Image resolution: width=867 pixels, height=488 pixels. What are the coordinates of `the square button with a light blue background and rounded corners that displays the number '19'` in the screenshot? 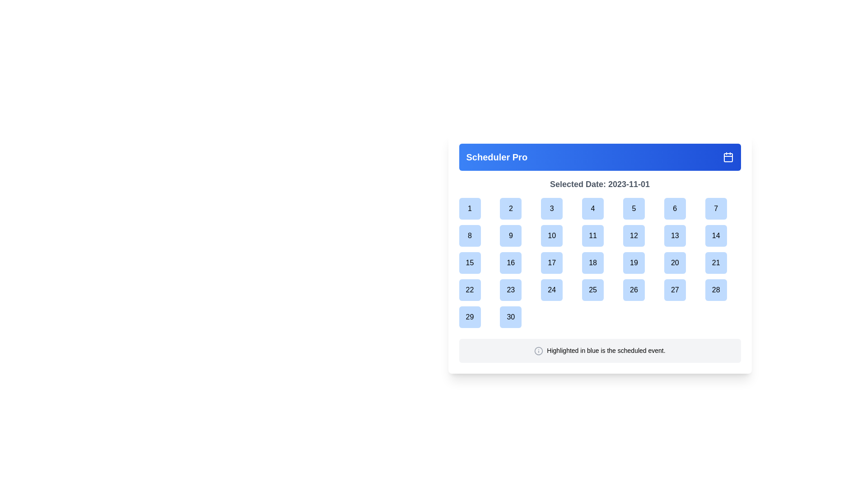 It's located at (640, 263).